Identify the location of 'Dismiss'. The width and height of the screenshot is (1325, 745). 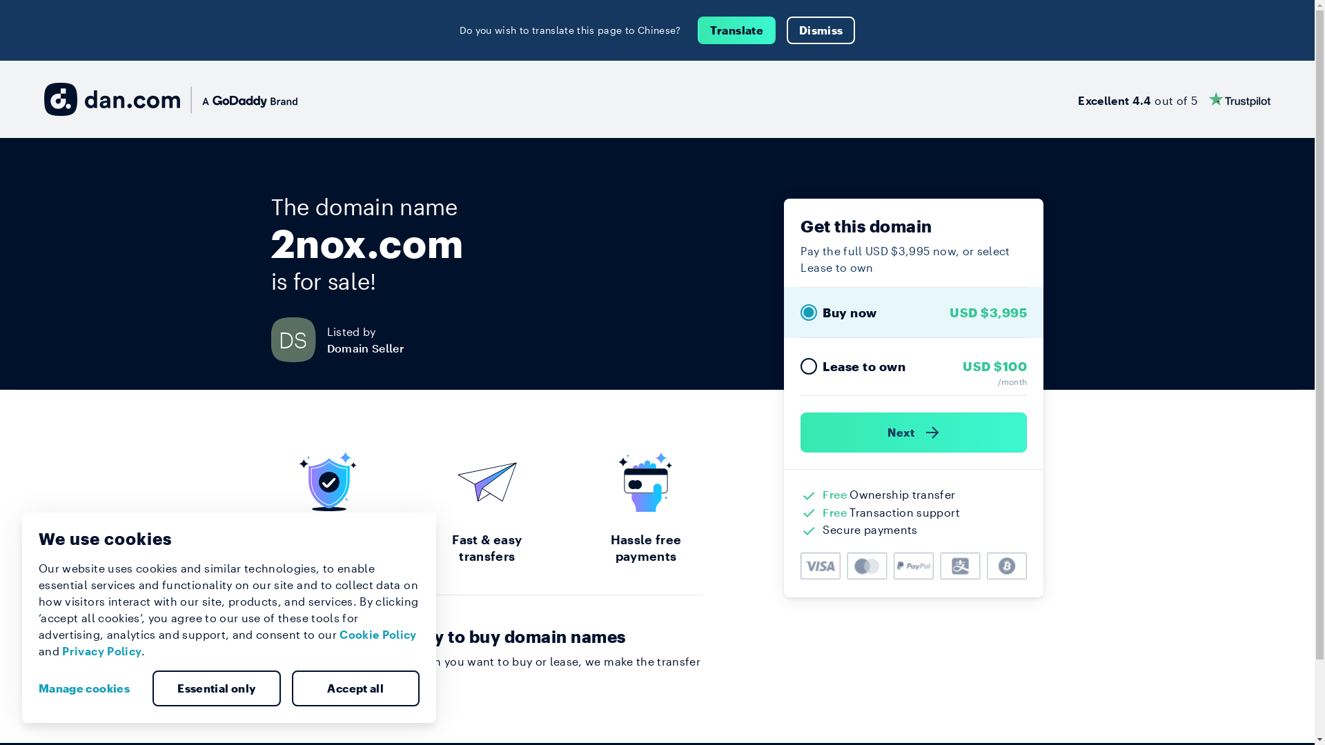
(821, 30).